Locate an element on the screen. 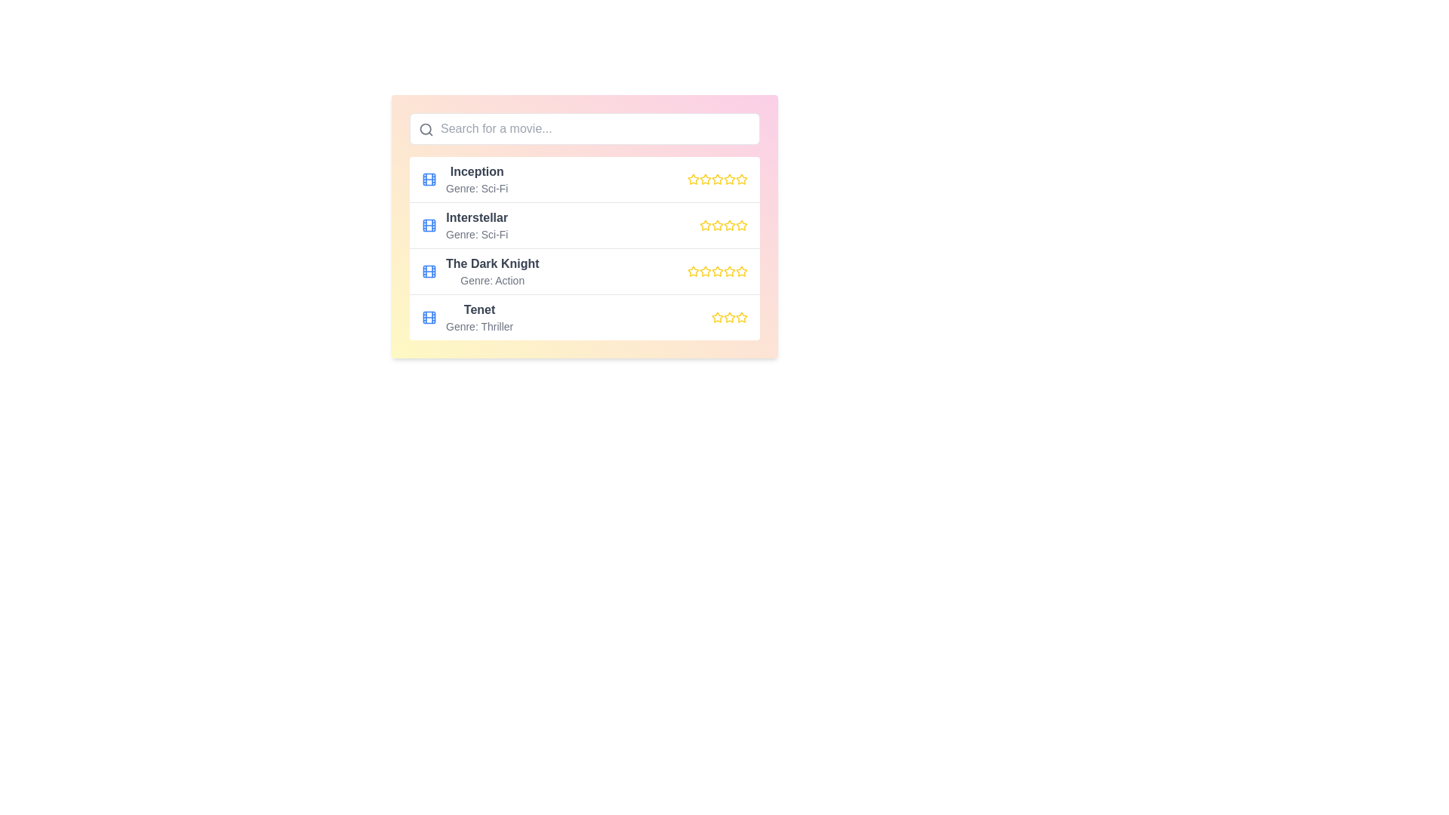  the second star-shaped icon from the left in the rating group for the movie 'Interstellar' is located at coordinates (716, 225).